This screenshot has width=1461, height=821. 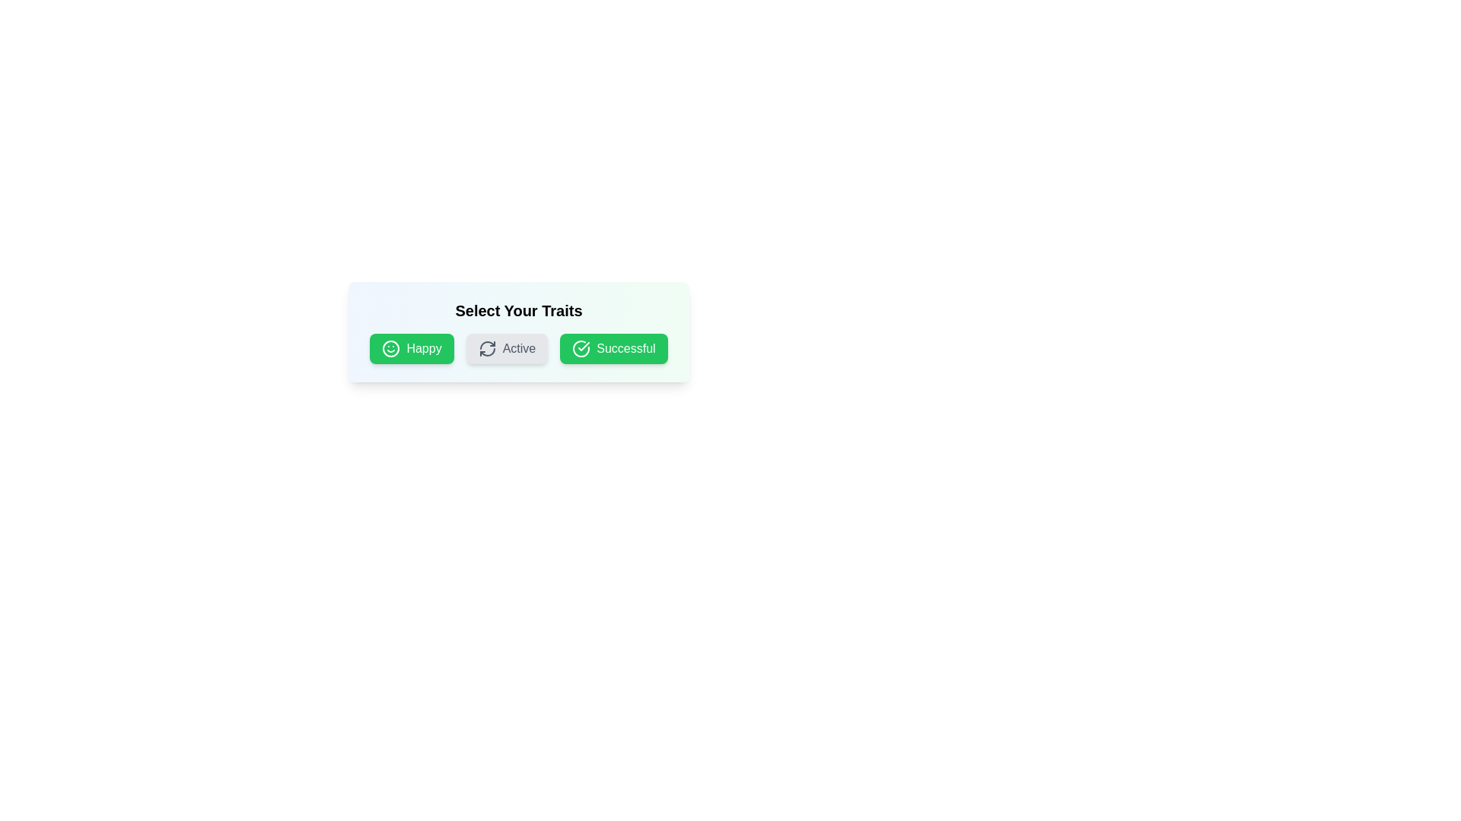 What do you see at coordinates (507, 349) in the screenshot?
I see `the tag Active` at bounding box center [507, 349].